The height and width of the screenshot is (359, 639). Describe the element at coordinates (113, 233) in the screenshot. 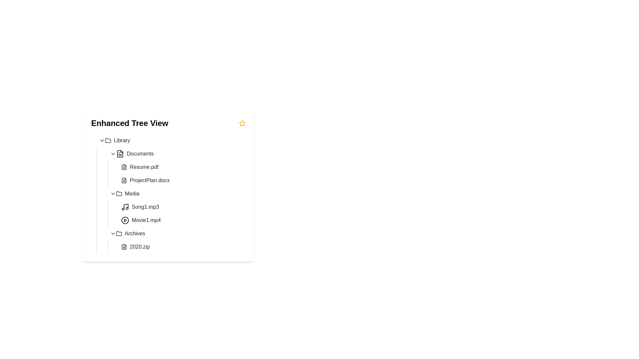

I see `the chevron dropdown indicator icon next to the 'Archives' label` at that location.